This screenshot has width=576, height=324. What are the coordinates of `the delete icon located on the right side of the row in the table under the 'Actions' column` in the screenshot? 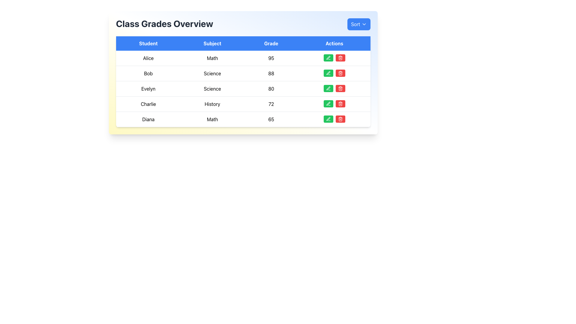 It's located at (340, 103).